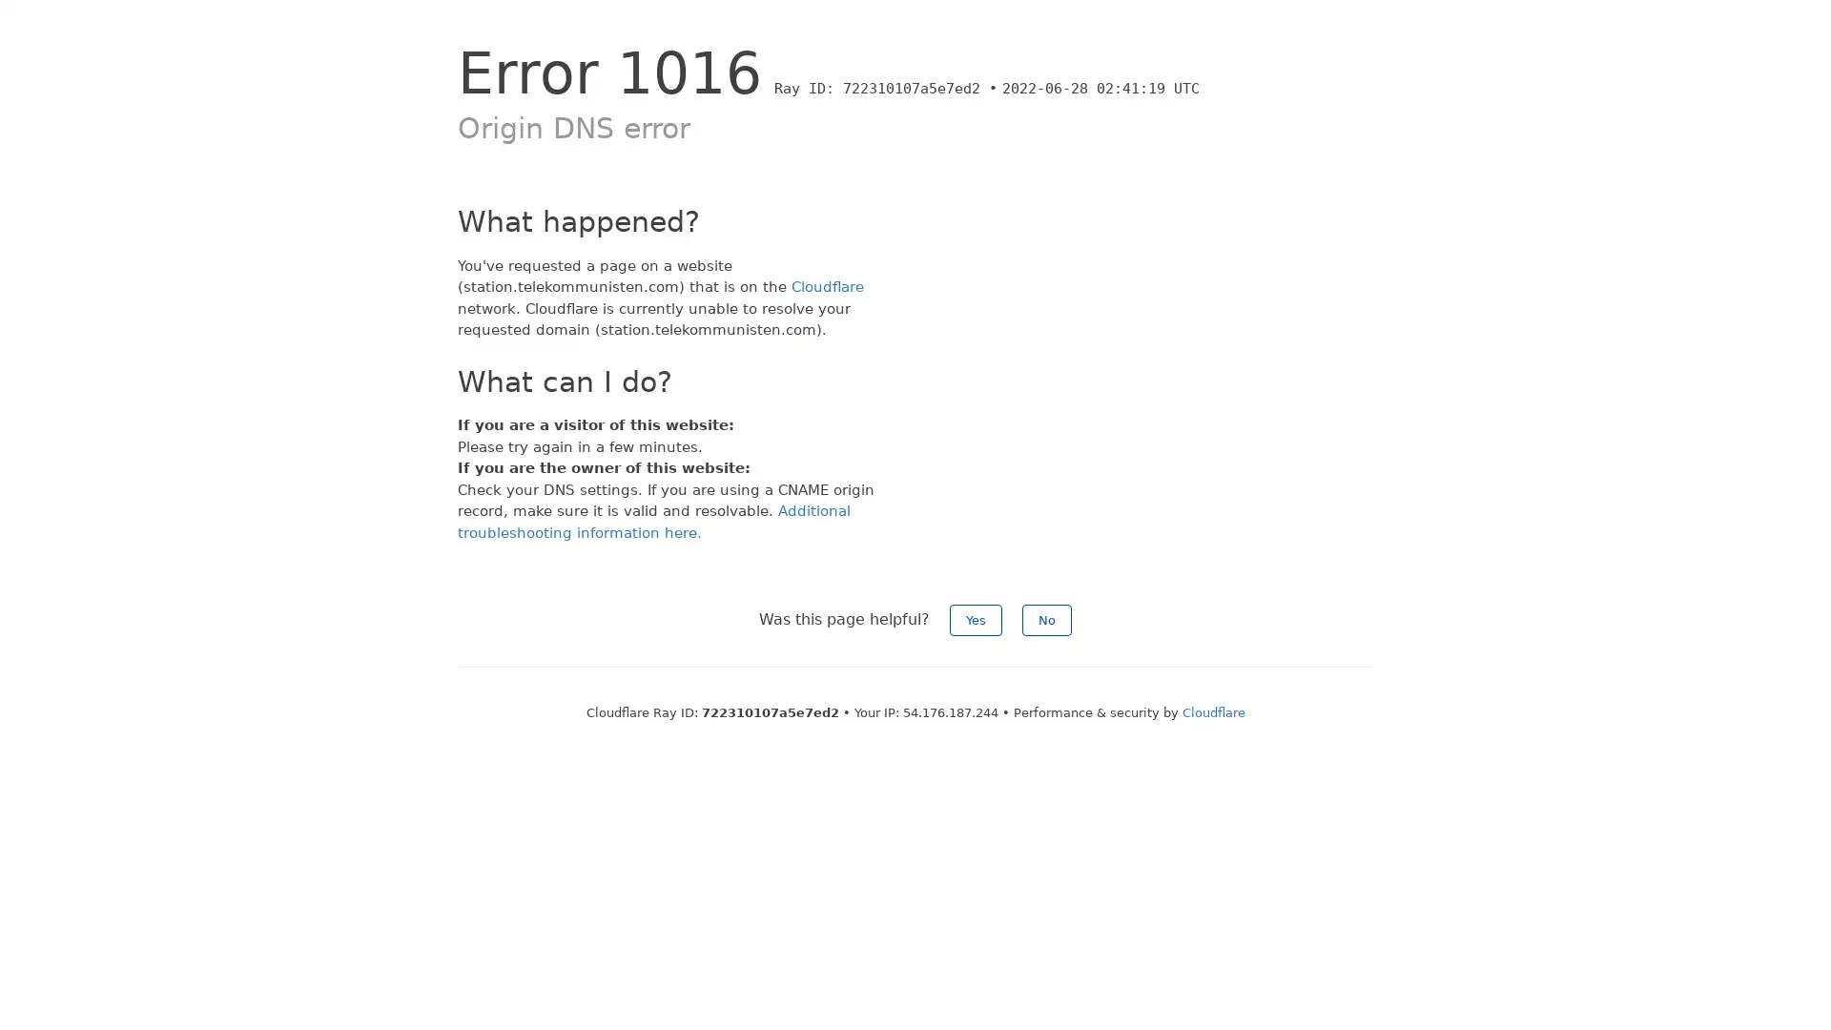 This screenshot has width=1831, height=1030. Describe the element at coordinates (1046, 620) in the screenshot. I see `No` at that location.